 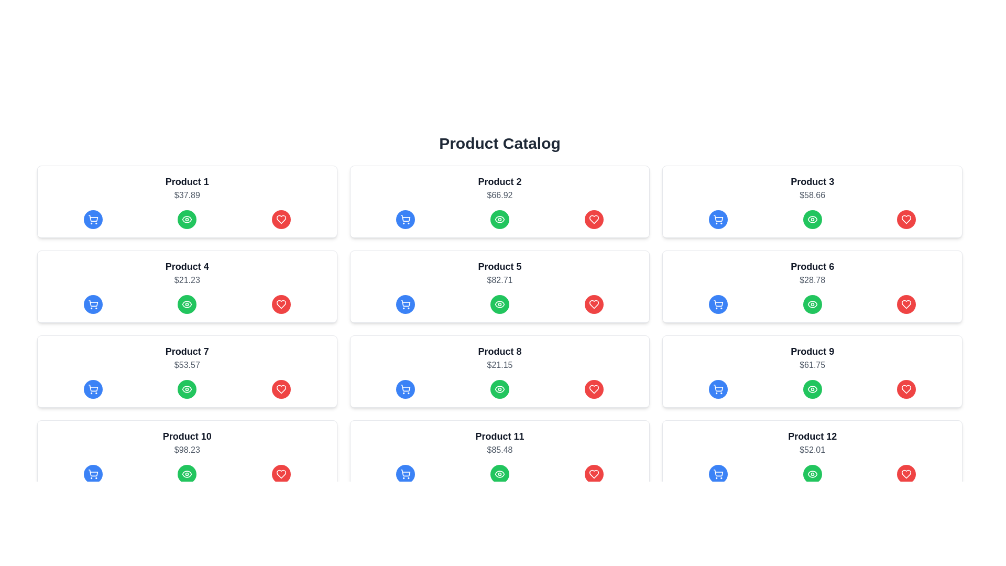 What do you see at coordinates (812, 365) in the screenshot?
I see `the static text label displaying the price "$61.75" for "Product 9" located at the bottom-right corner of the product card` at bounding box center [812, 365].